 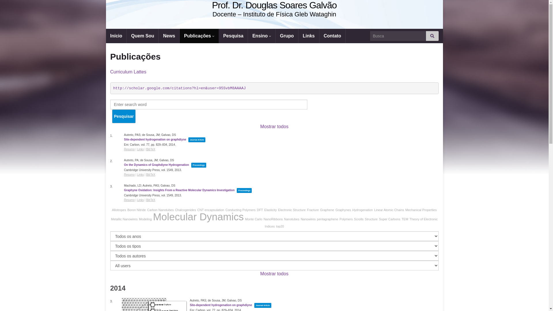 What do you see at coordinates (291, 219) in the screenshot?
I see `'Nanotubes'` at bounding box center [291, 219].